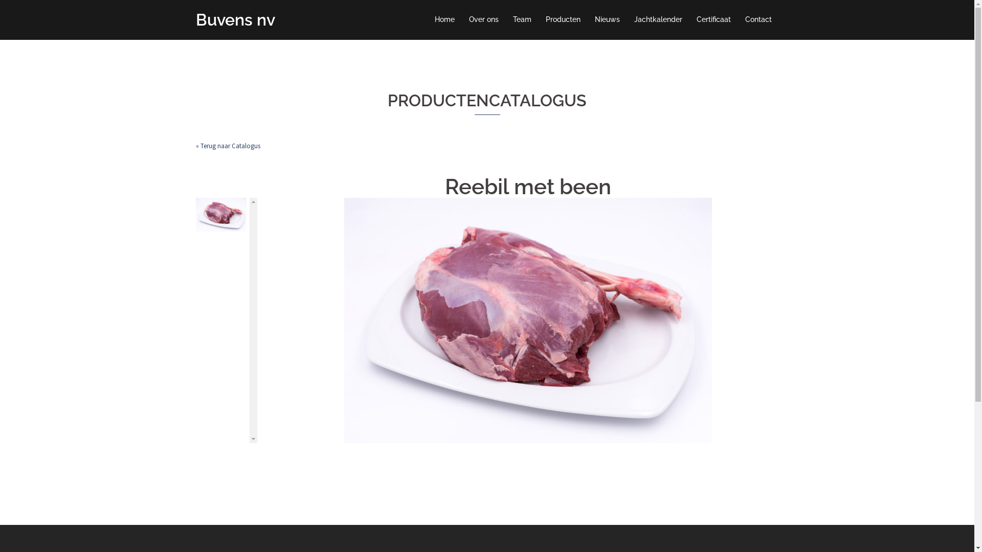  What do you see at coordinates (521, 19) in the screenshot?
I see `'Team'` at bounding box center [521, 19].